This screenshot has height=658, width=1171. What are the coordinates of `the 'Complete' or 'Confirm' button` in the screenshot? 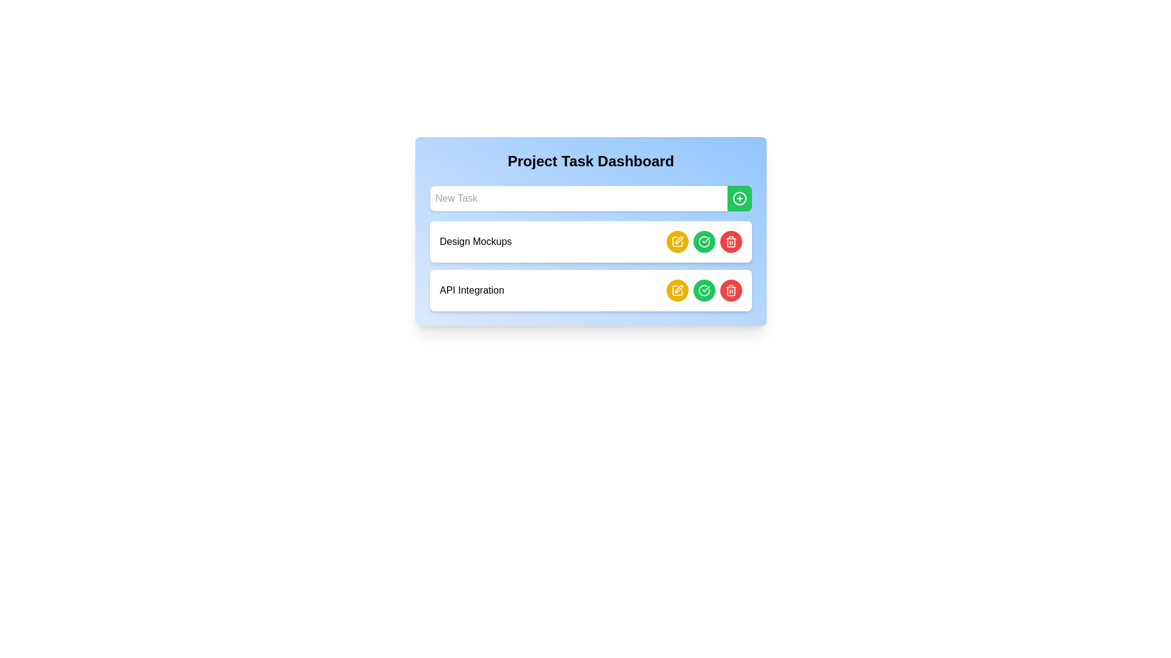 It's located at (704, 242).